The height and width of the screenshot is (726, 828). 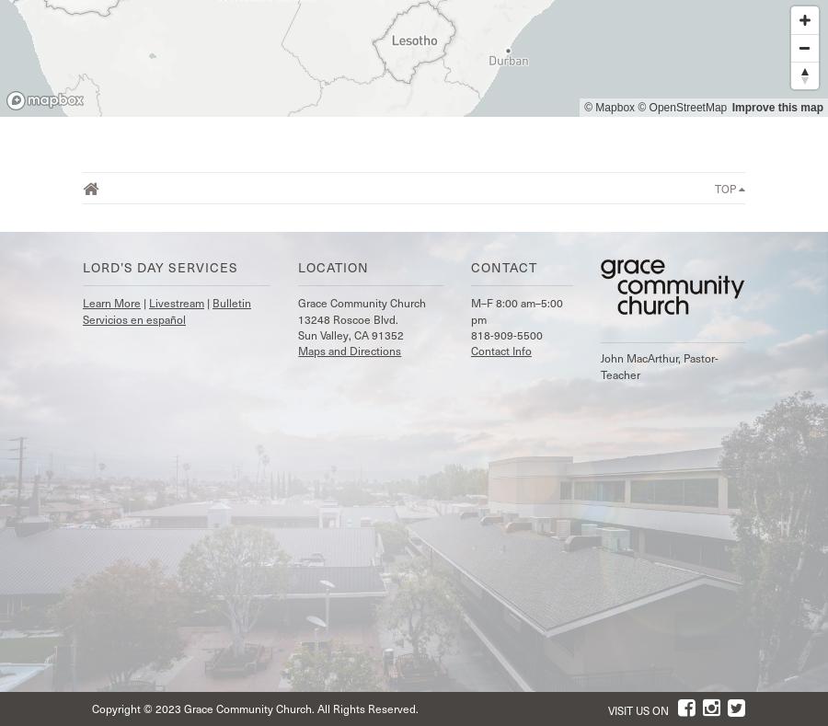 I want to click on 'Servicios en español', so click(x=133, y=317).